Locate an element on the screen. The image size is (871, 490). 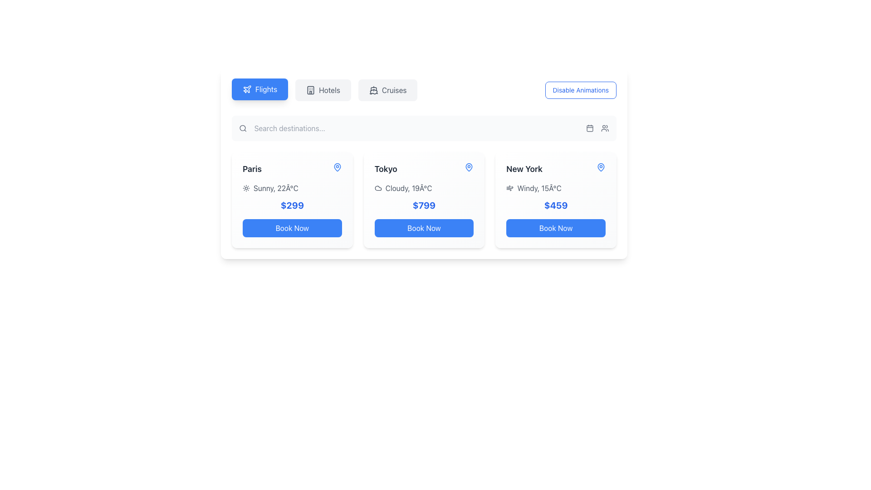
the prominent Text label displaying '$799' in a large blue font, located in the middle card of the horizontally scrolling section, below the weather and temperature row, and above the 'Book Now' button is located at coordinates (424, 205).